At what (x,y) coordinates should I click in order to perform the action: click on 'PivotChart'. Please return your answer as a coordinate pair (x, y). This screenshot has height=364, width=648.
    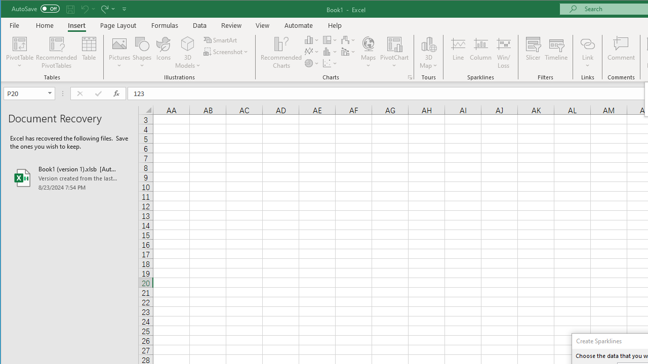
    Looking at the image, I should click on (394, 43).